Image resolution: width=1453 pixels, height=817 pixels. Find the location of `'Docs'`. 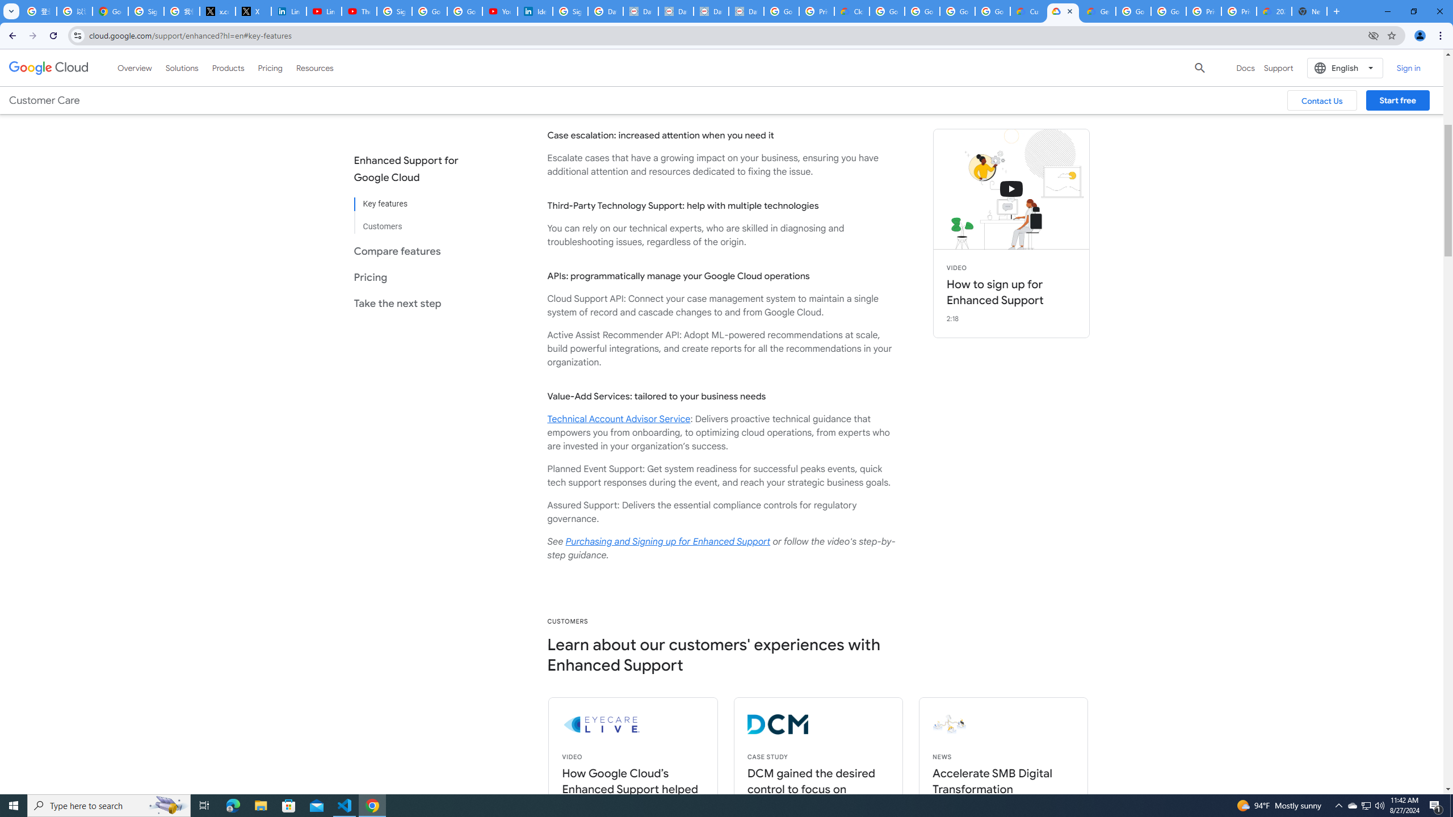

'Docs' is located at coordinates (1245, 67).